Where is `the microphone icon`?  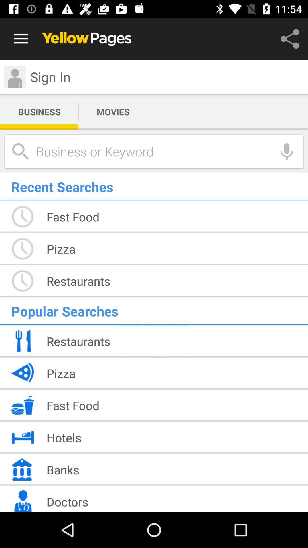
the microphone icon is located at coordinates (287, 152).